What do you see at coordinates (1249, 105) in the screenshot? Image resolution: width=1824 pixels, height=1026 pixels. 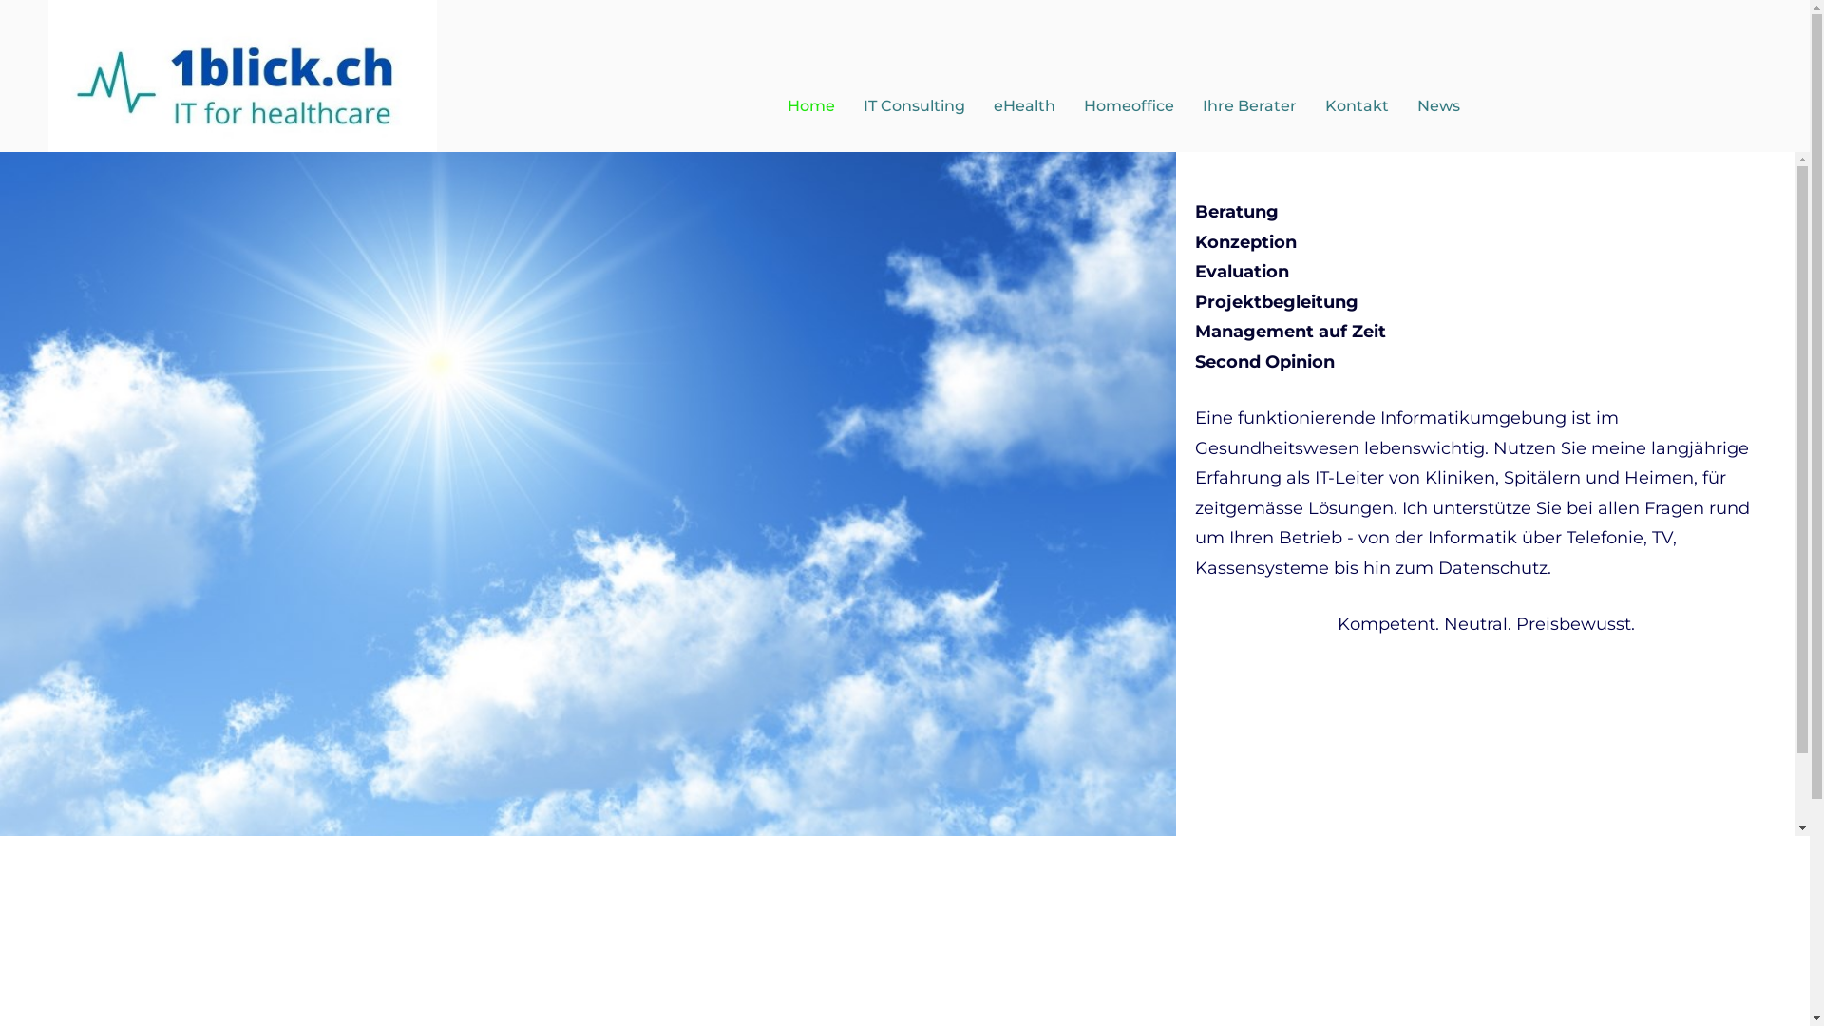 I see `'Ihre Berater'` at bounding box center [1249, 105].